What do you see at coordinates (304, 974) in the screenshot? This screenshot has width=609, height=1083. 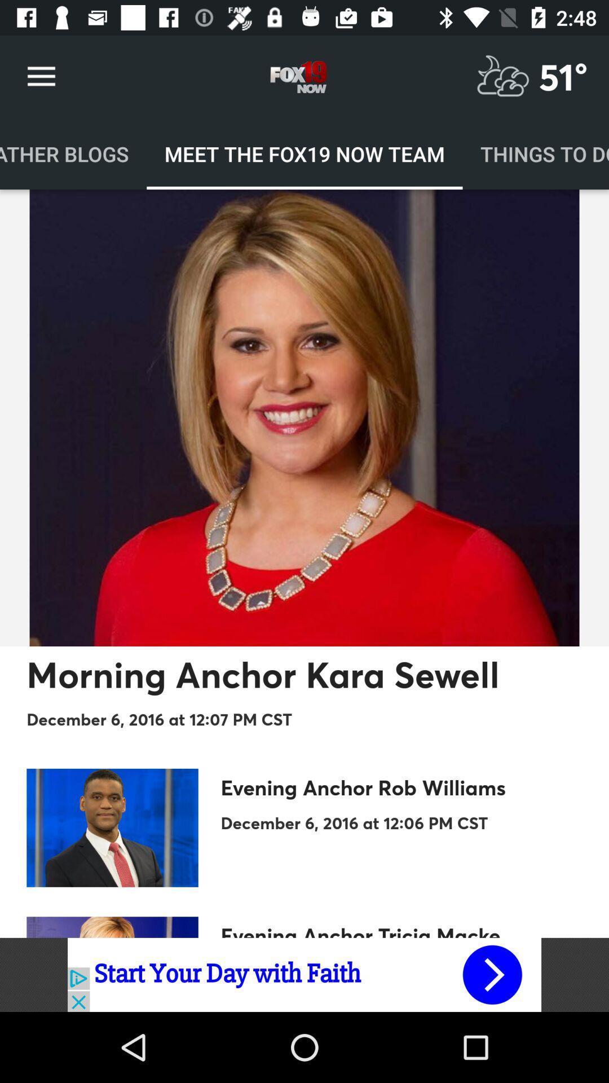 I see `bottom advertisement` at bounding box center [304, 974].